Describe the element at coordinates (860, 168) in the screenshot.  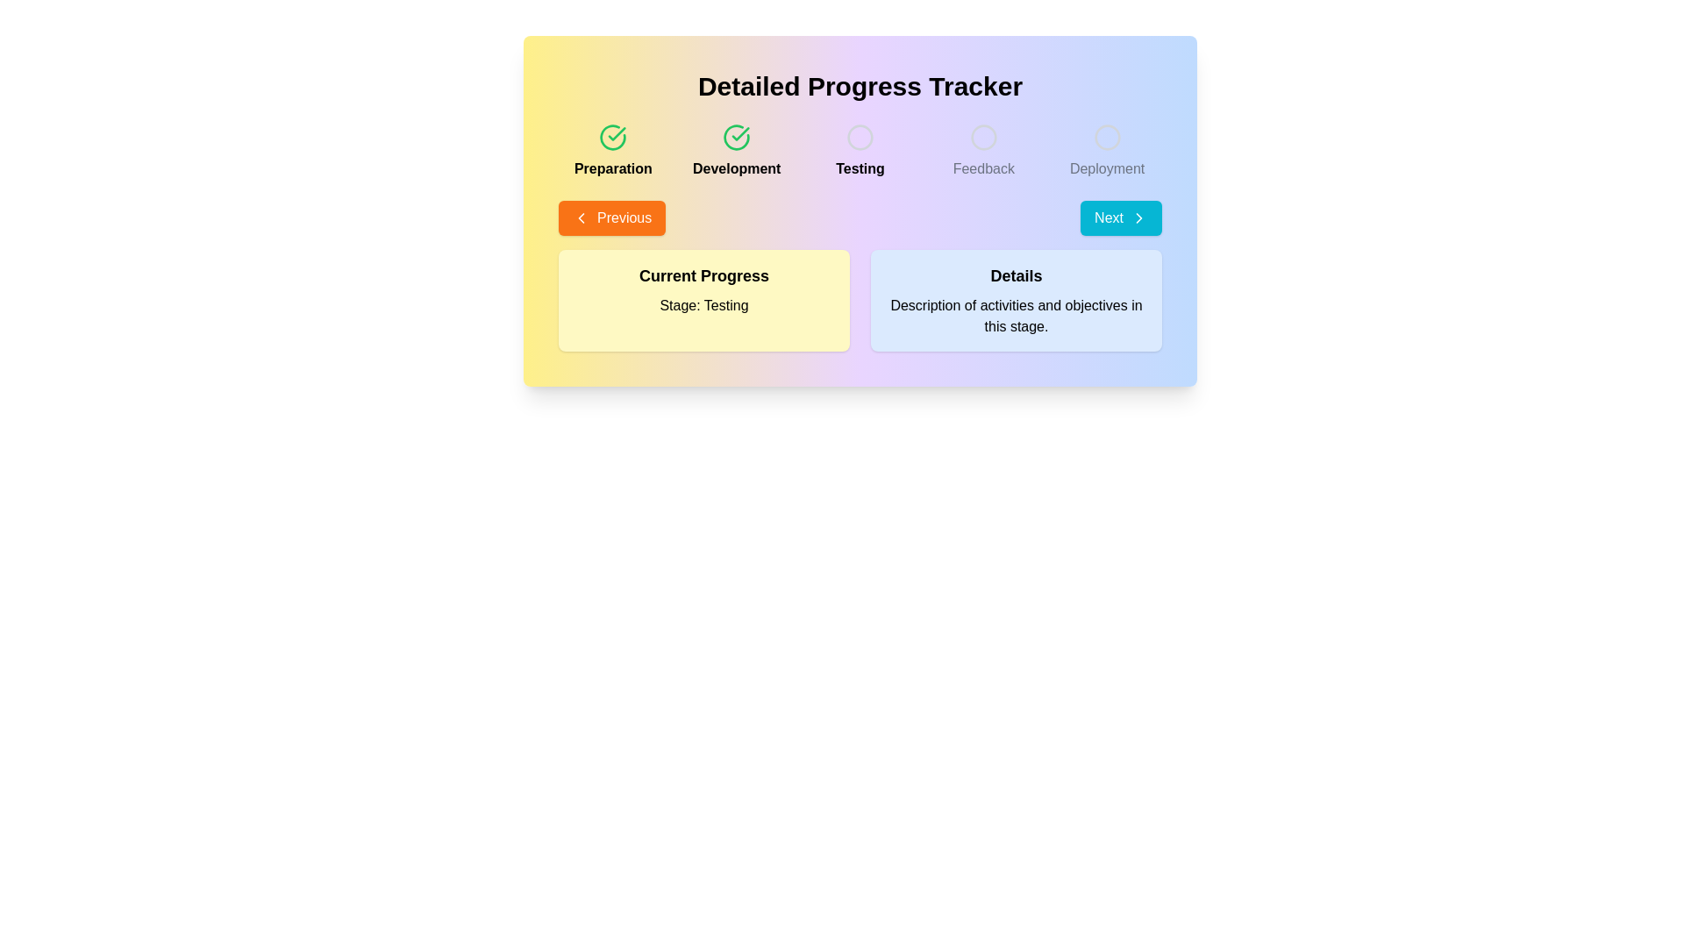
I see `the 'Testing' progress stage label, which is the third item in a sequence of labels in the progress tracker` at that location.